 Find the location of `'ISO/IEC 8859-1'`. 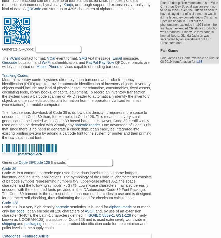

'ISO/IEC 8859-1' is located at coordinates (87, 215).